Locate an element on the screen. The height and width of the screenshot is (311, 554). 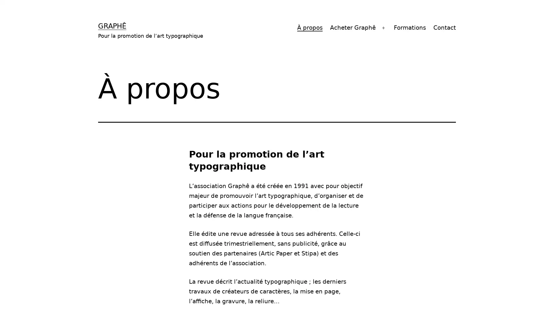
Ouvrir le menu is located at coordinates (383, 28).